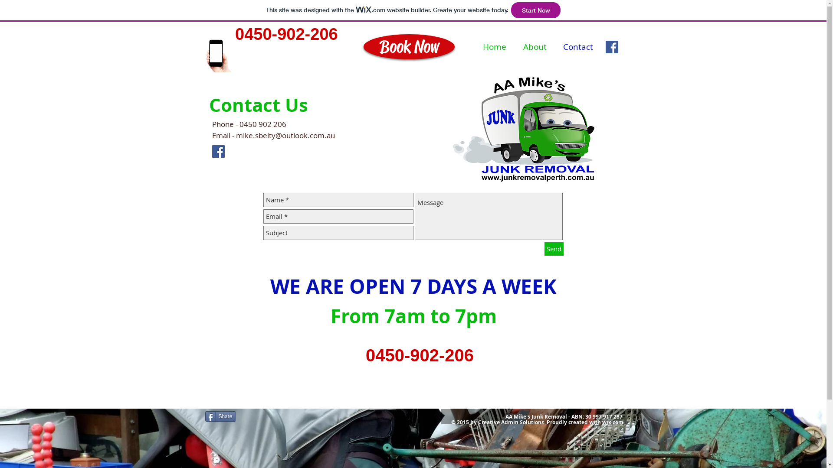 This screenshot has width=833, height=468. Describe the element at coordinates (220, 416) in the screenshot. I see `'Share'` at that location.